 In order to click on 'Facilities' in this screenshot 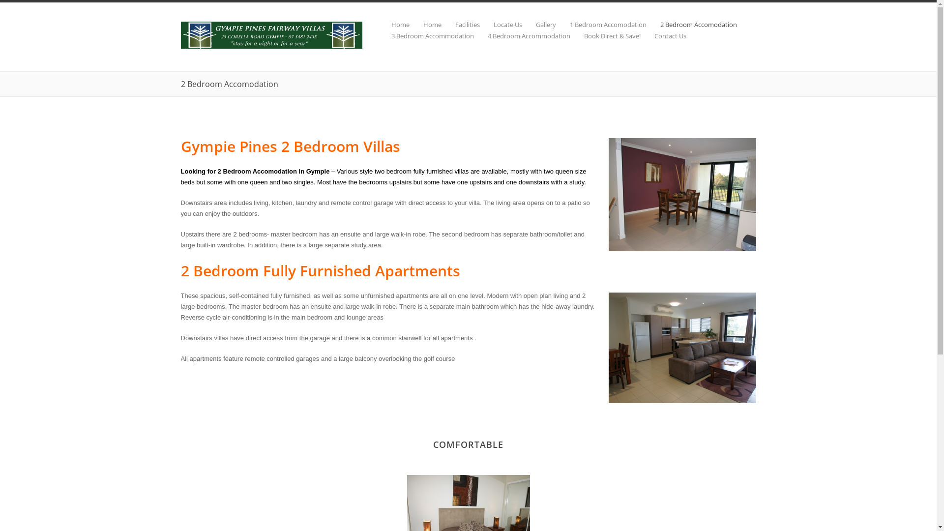, I will do `click(460, 24)`.